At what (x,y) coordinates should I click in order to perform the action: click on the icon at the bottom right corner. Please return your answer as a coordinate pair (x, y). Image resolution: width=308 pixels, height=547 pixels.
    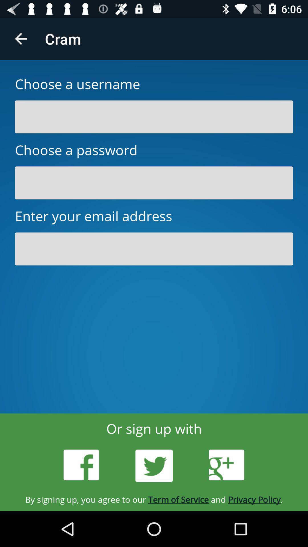
    Looking at the image, I should click on (226, 465).